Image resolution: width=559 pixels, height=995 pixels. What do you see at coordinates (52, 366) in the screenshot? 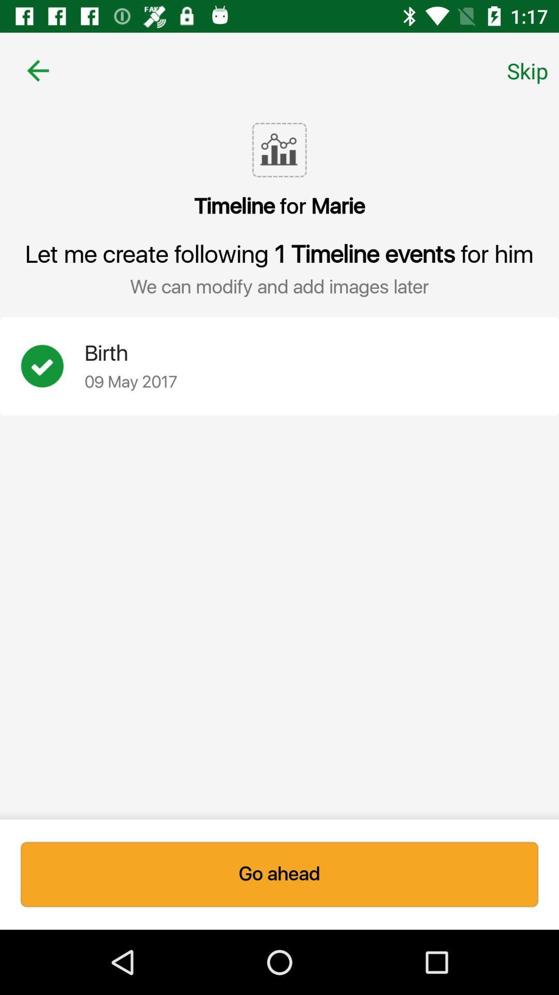
I see `icon below the let me create` at bounding box center [52, 366].